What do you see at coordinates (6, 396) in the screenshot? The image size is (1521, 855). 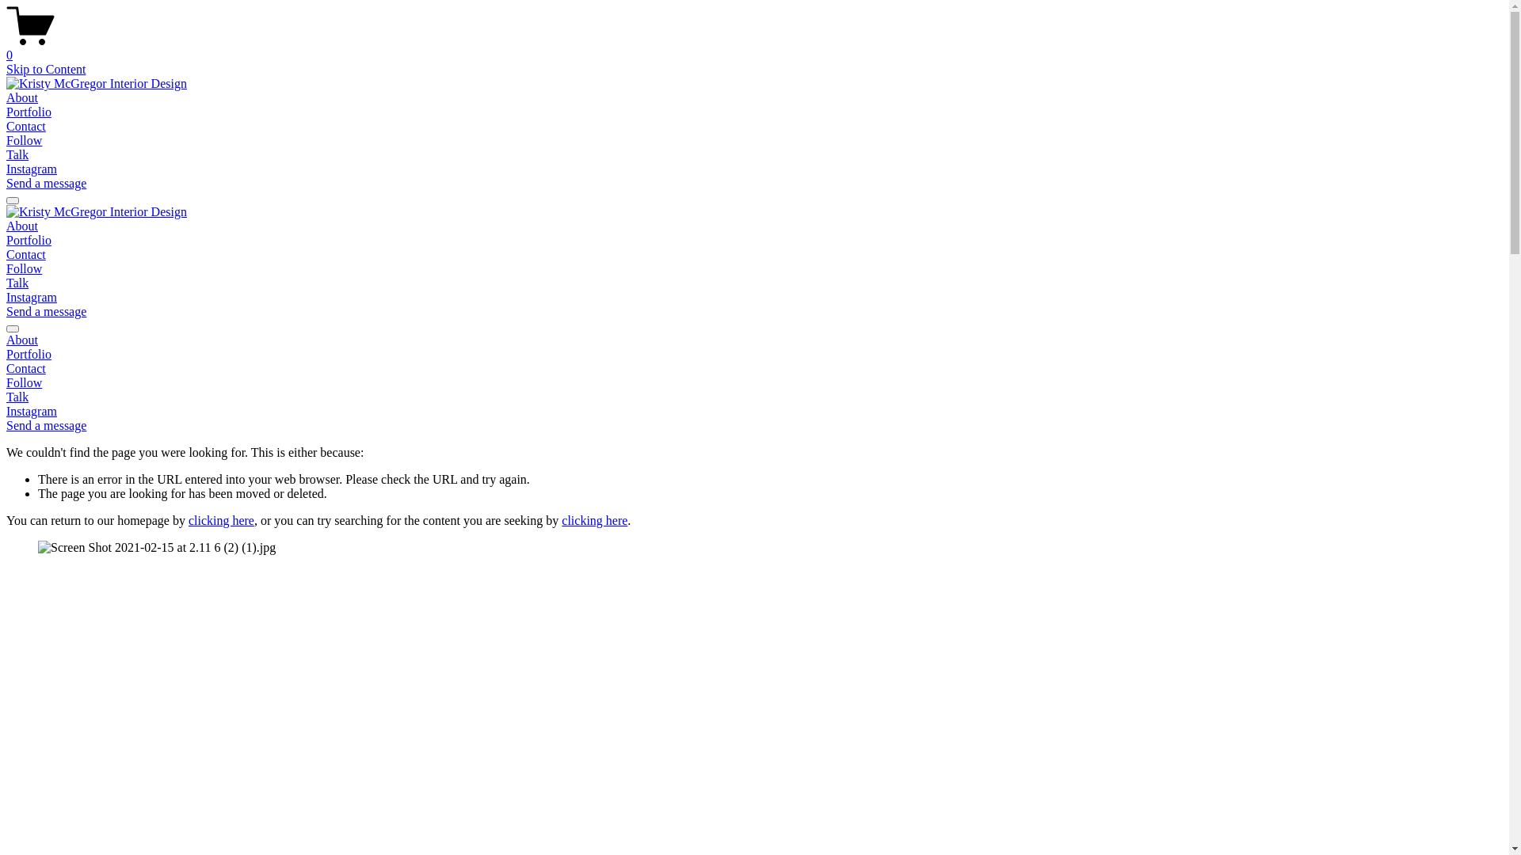 I see `'Talk'` at bounding box center [6, 396].